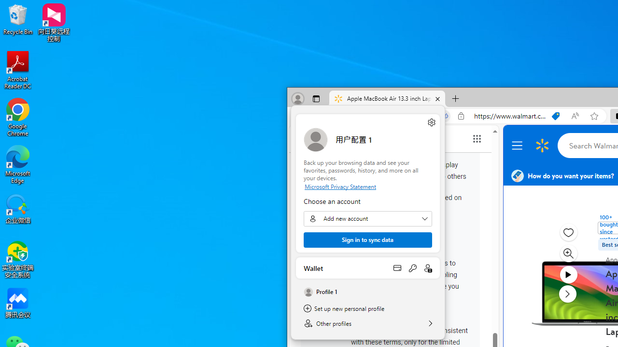 This screenshot has width=618, height=347. Describe the element at coordinates (397, 267) in the screenshot. I see `'Open payment methods'` at that location.